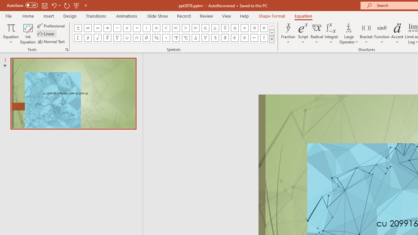 This screenshot has height=235, width=418. I want to click on 'Large Operator', so click(348, 34).